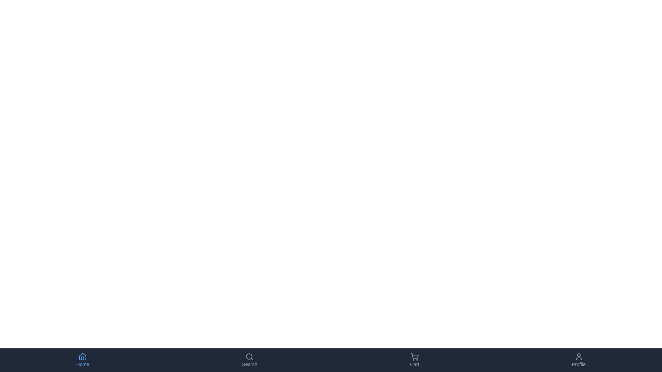 The height and width of the screenshot is (372, 662). What do you see at coordinates (414, 356) in the screenshot?
I see `the shopping cart icon located in the bottom navigation bar` at bounding box center [414, 356].